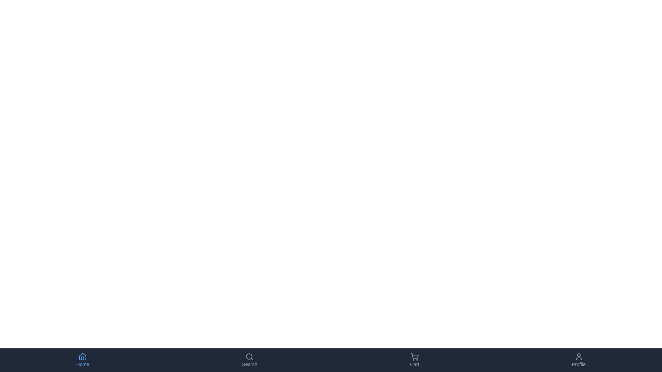 The height and width of the screenshot is (372, 662). What do you see at coordinates (414, 356) in the screenshot?
I see `the shopping cart icon located in the bottom navigation bar` at bounding box center [414, 356].